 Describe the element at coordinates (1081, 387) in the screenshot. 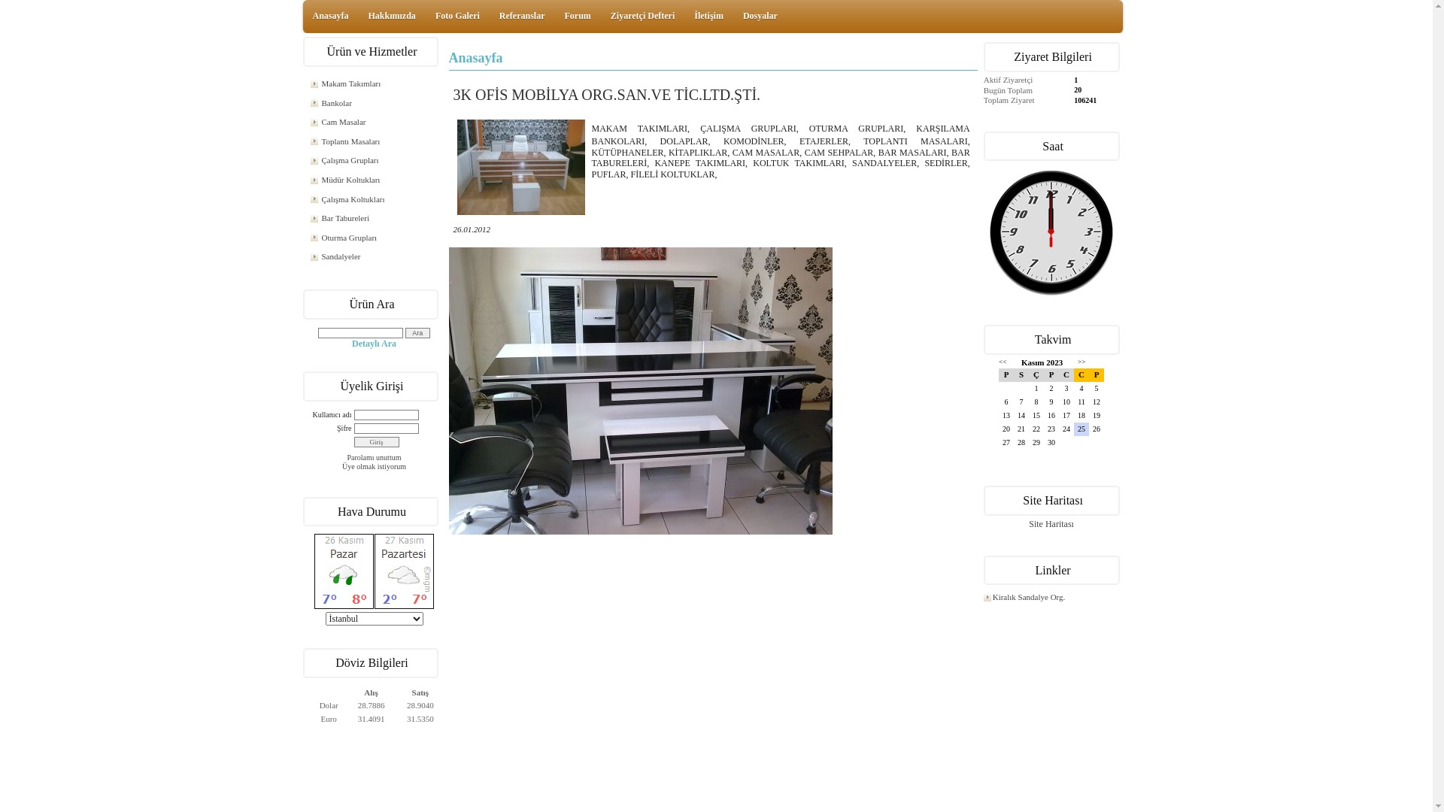

I see `'4'` at that location.